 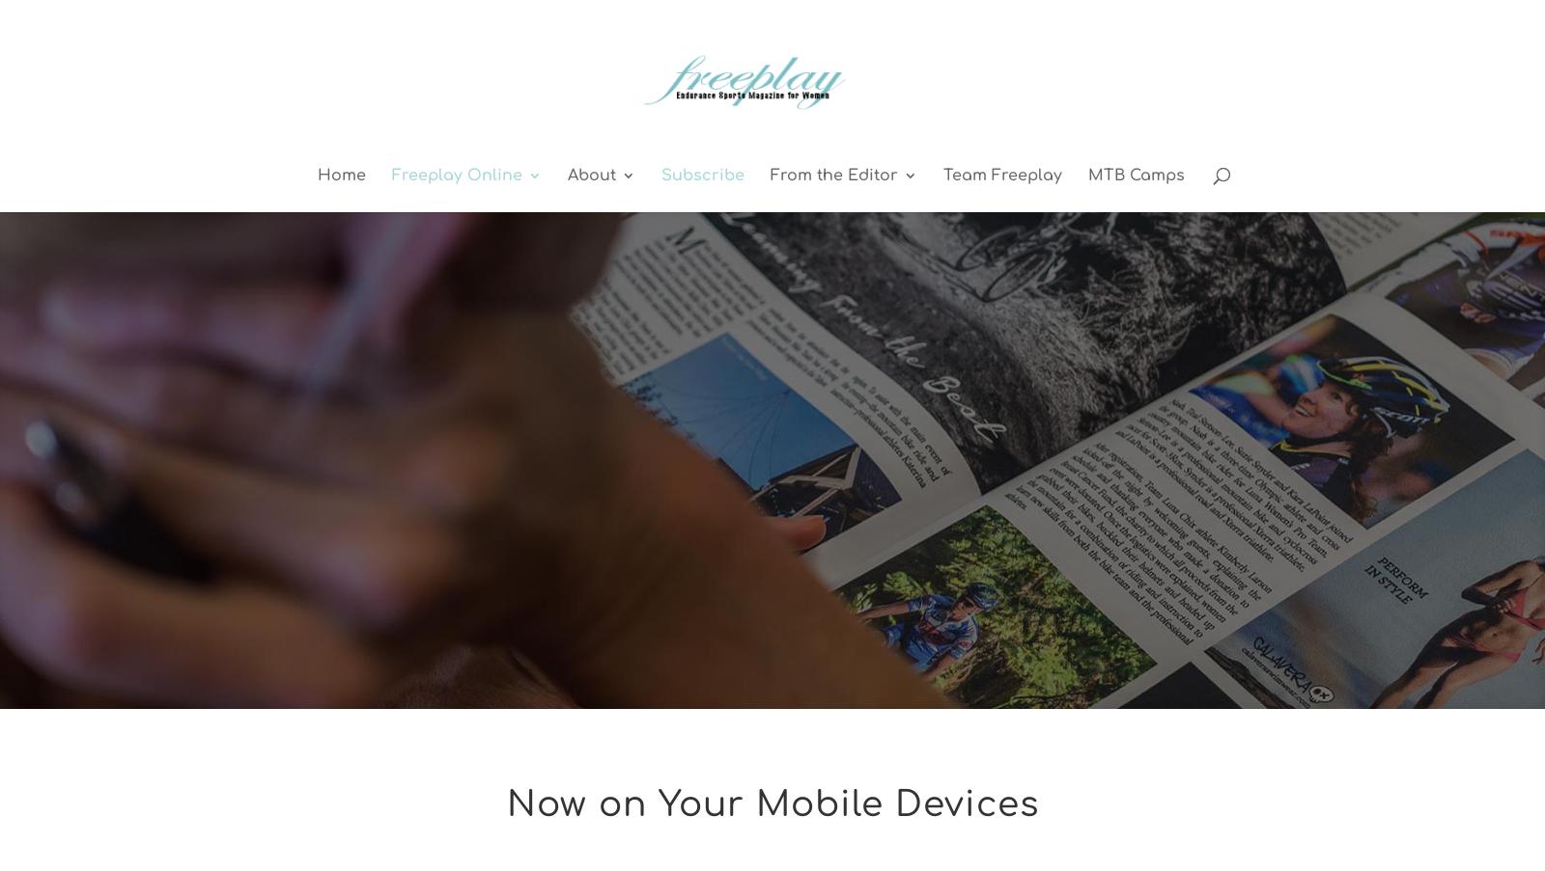 I want to click on 'Freeplay App', so click(x=428, y=290).